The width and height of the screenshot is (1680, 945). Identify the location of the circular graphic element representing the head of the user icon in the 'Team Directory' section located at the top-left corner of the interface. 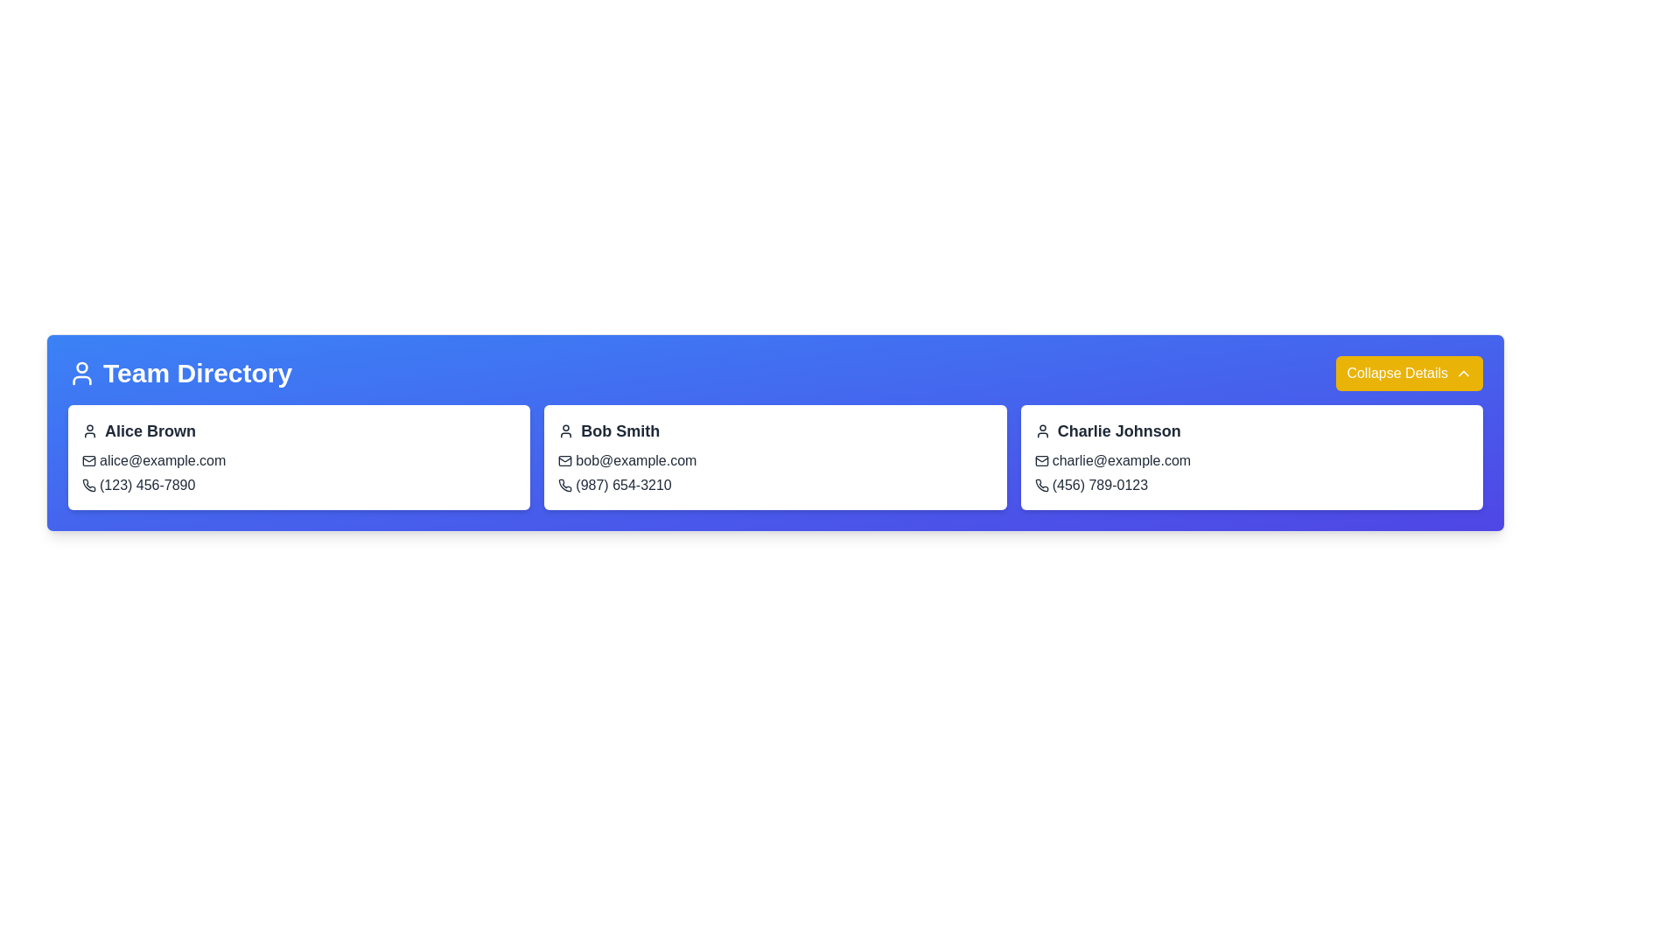
(81, 367).